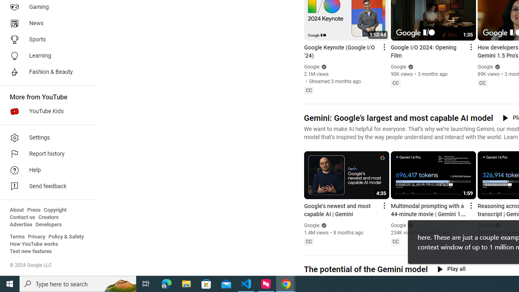  I want to click on 'Sports', so click(45, 39).